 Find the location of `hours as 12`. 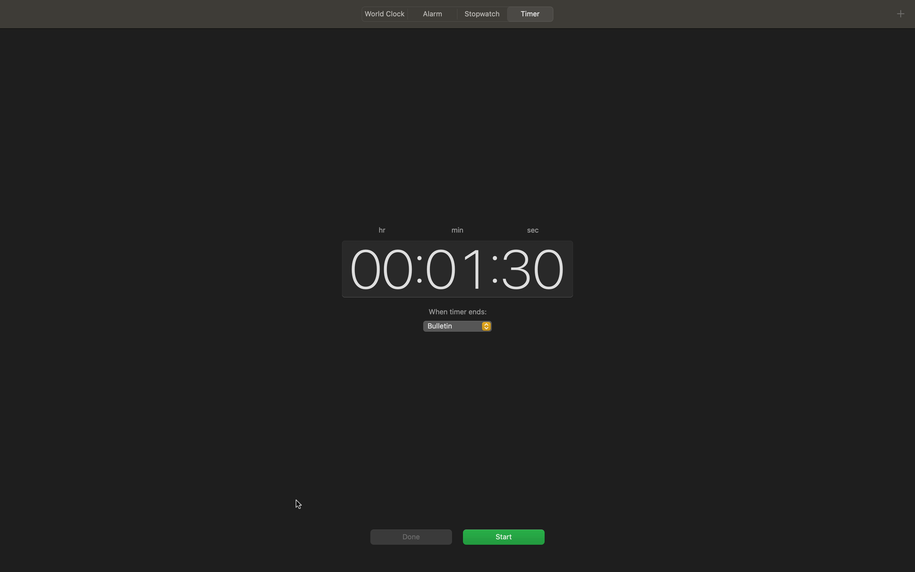

hours as 12 is located at coordinates (378, 267).